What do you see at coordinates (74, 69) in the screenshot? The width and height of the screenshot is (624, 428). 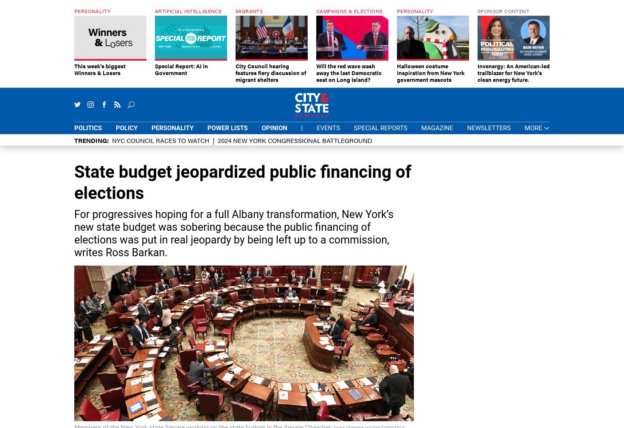 I see `'This week’s biggest Winners & Losers'` at bounding box center [74, 69].